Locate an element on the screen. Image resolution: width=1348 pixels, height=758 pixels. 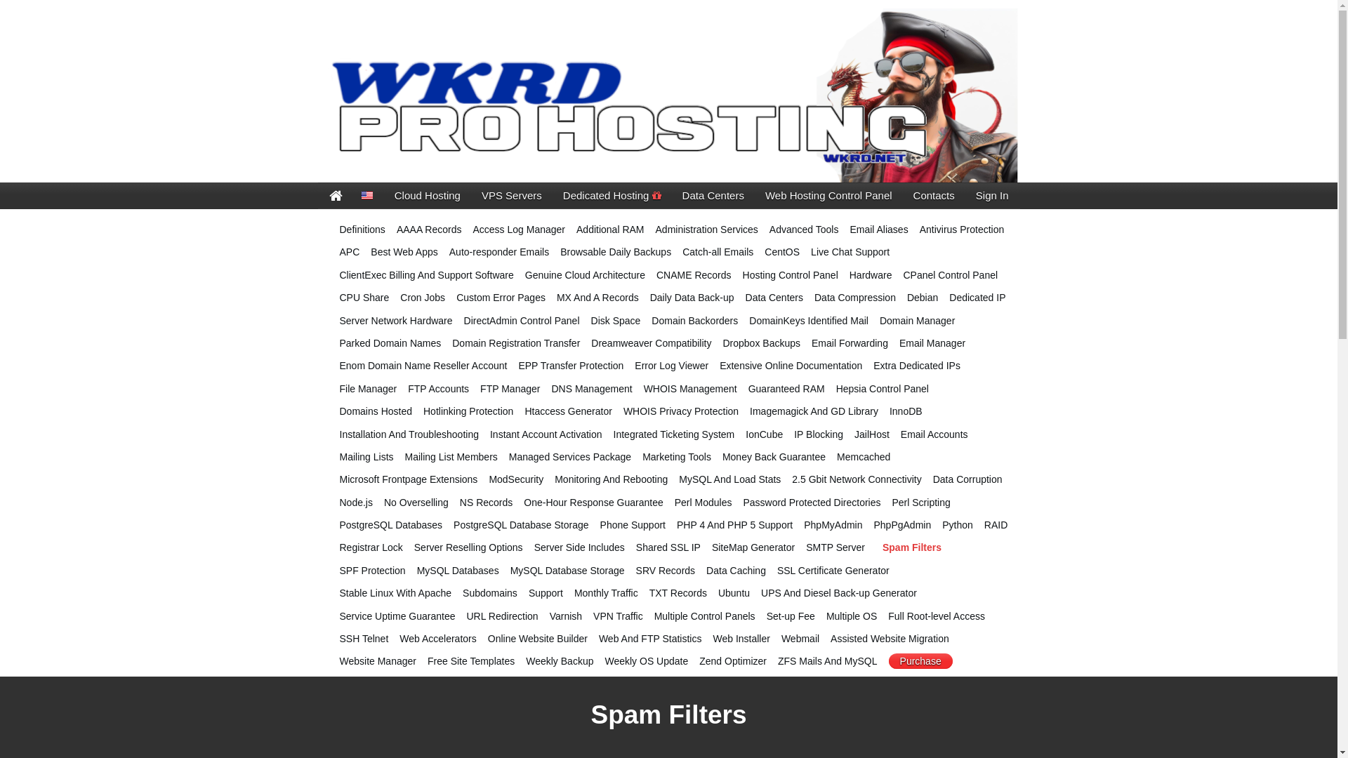
'Server Side Includes' is located at coordinates (579, 546).